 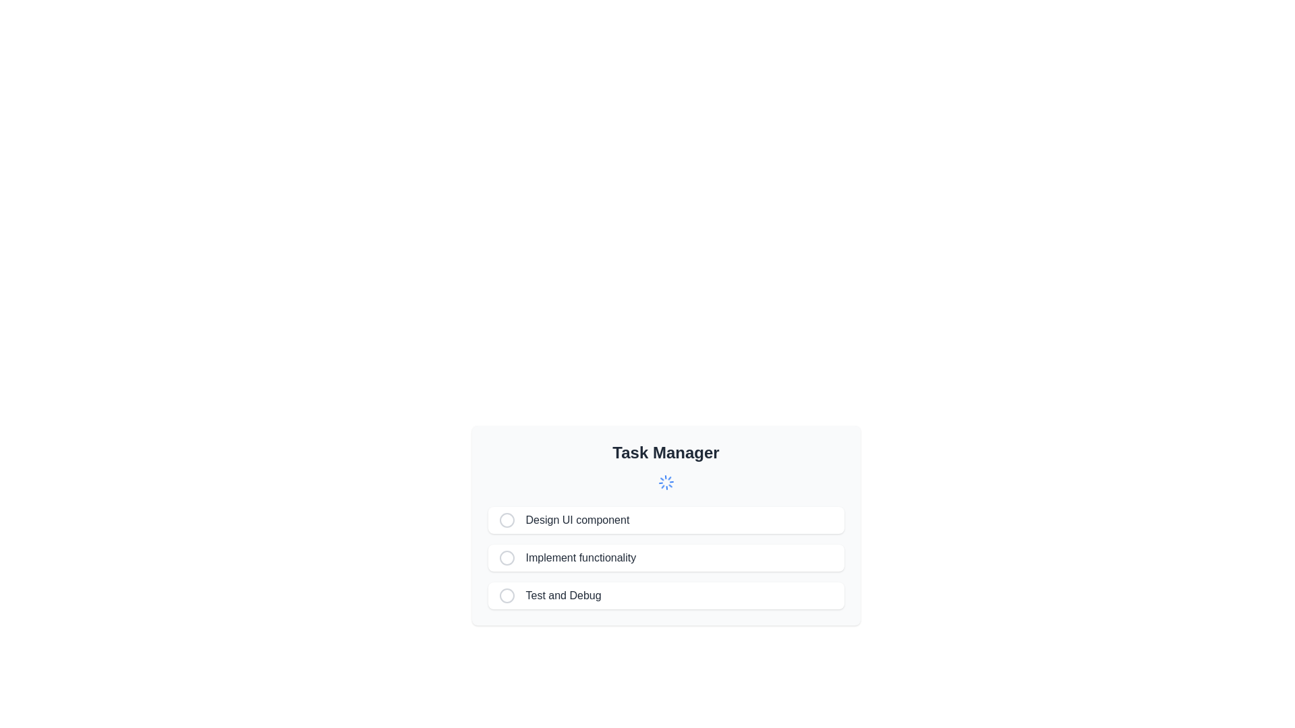 What do you see at coordinates (666, 595) in the screenshot?
I see `the 'Test and Debug' selectable button in the task manager panel` at bounding box center [666, 595].